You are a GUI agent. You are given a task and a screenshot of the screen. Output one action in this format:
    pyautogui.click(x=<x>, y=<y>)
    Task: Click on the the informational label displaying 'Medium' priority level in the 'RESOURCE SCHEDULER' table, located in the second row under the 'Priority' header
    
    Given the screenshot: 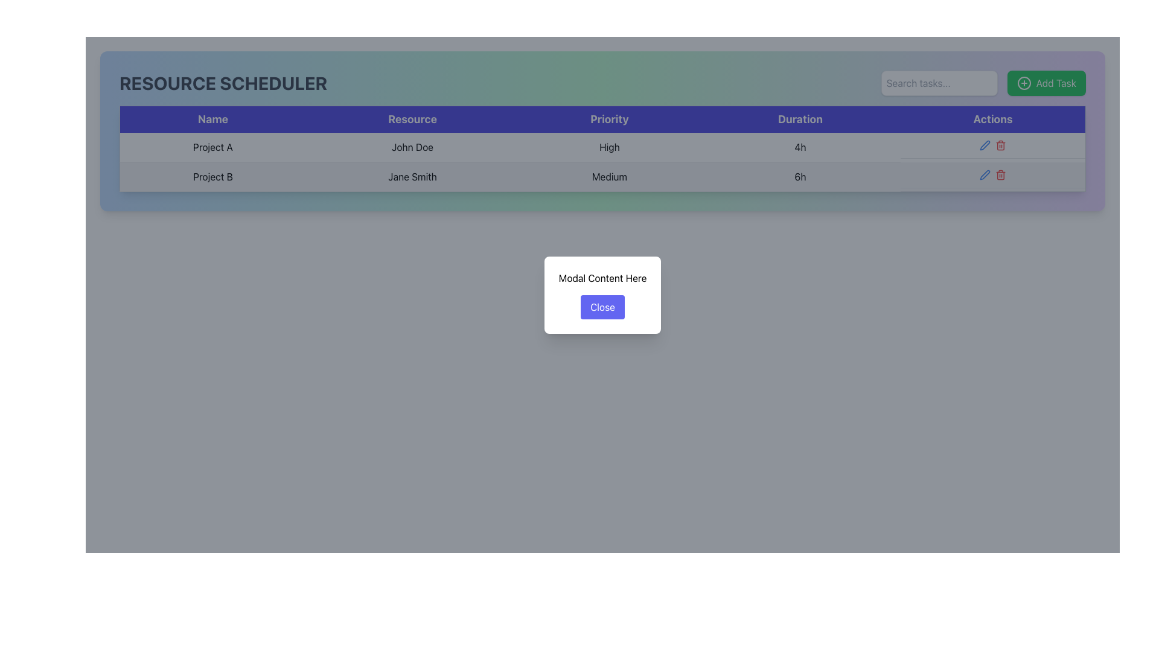 What is the action you would take?
    pyautogui.click(x=609, y=177)
    